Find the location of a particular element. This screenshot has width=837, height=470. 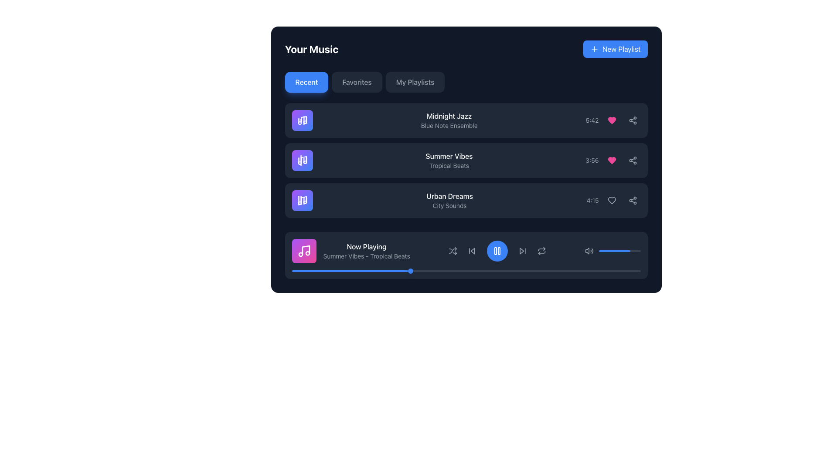

the text display component that shows 'Urban Dreams' and 'City Sounds', located in the third row of the music list, between 'Summer Vibes' and '4:15' is located at coordinates (449, 201).